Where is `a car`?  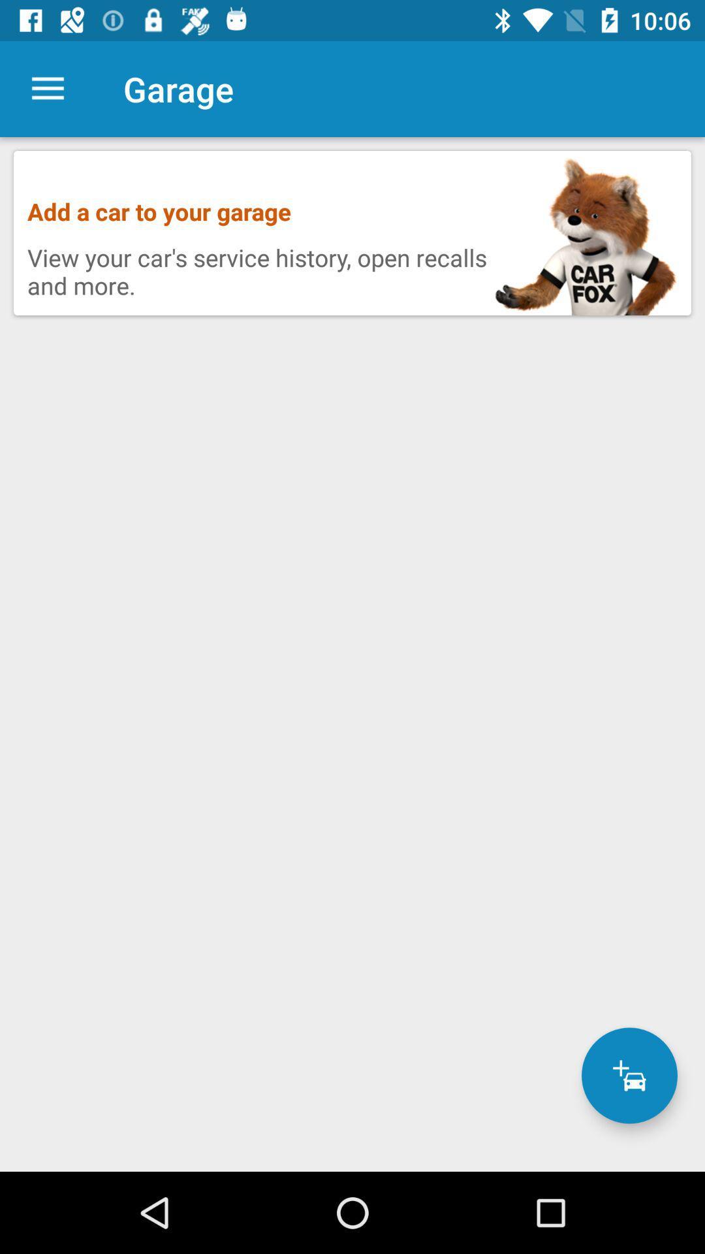
a car is located at coordinates (629, 1075).